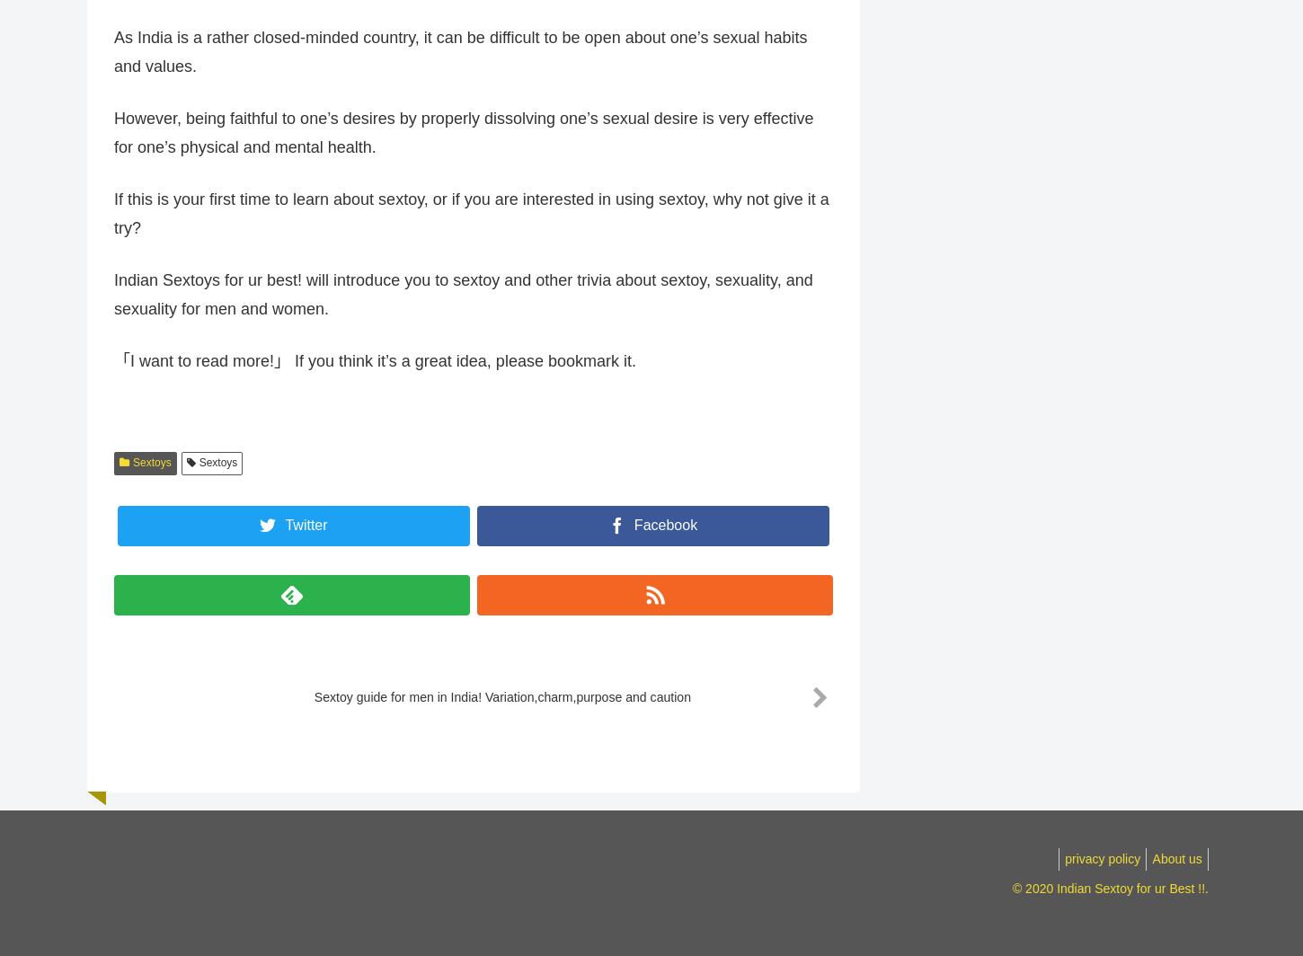 This screenshot has height=956, width=1303. I want to click on 'Twitter', so click(306, 535).